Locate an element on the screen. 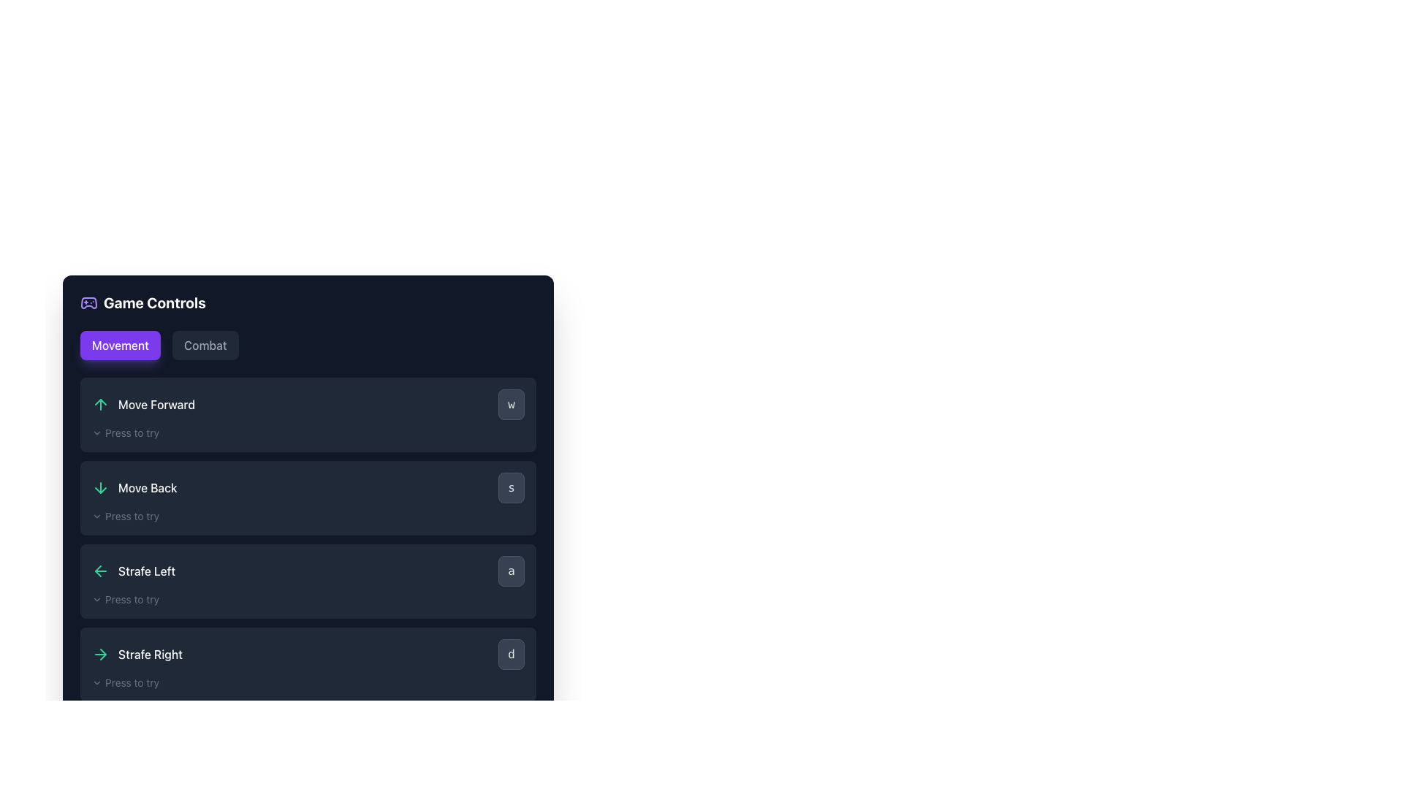 This screenshot has height=789, width=1403. the text label 'Strafe Left' which is displayed in white font on a dark background, part of the game controls section is located at coordinates (147, 571).